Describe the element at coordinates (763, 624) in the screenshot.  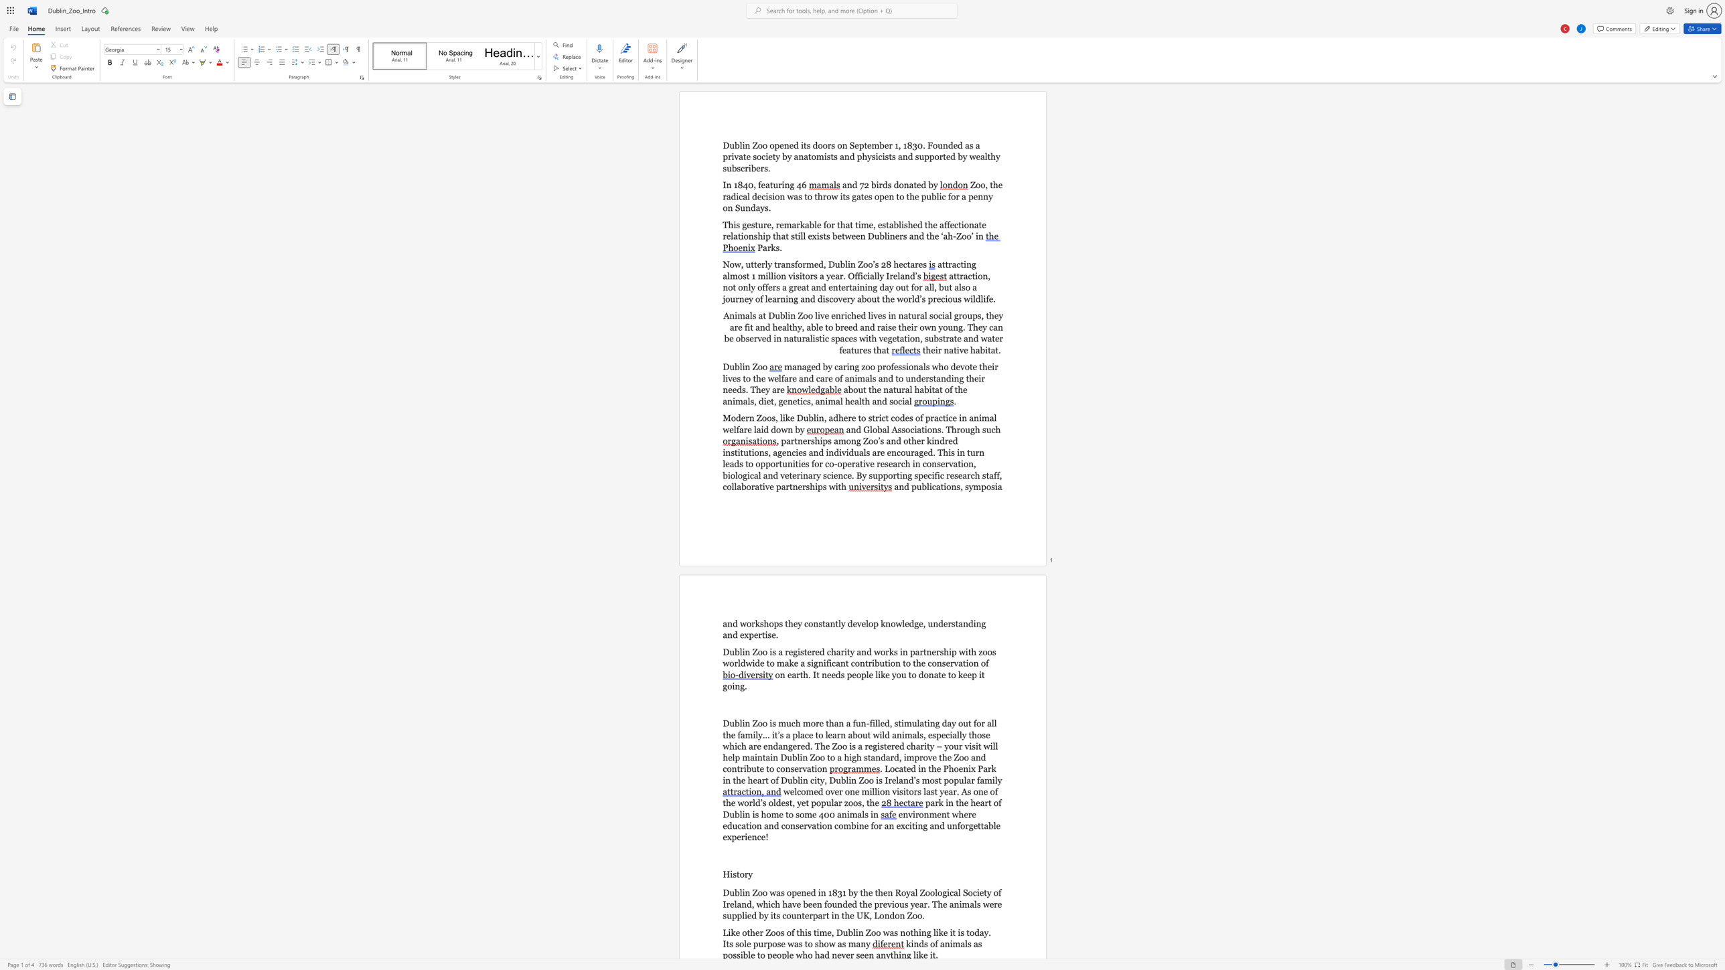
I see `the subset text "hops they constantly de" within the text "and workshops they constantly develo"` at that location.